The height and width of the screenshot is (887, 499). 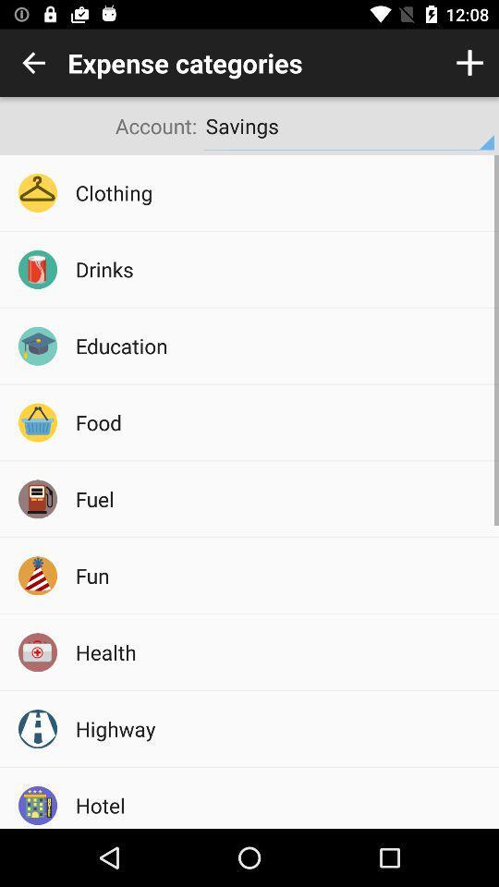 What do you see at coordinates (469, 63) in the screenshot?
I see `the item next to expense categories item` at bounding box center [469, 63].